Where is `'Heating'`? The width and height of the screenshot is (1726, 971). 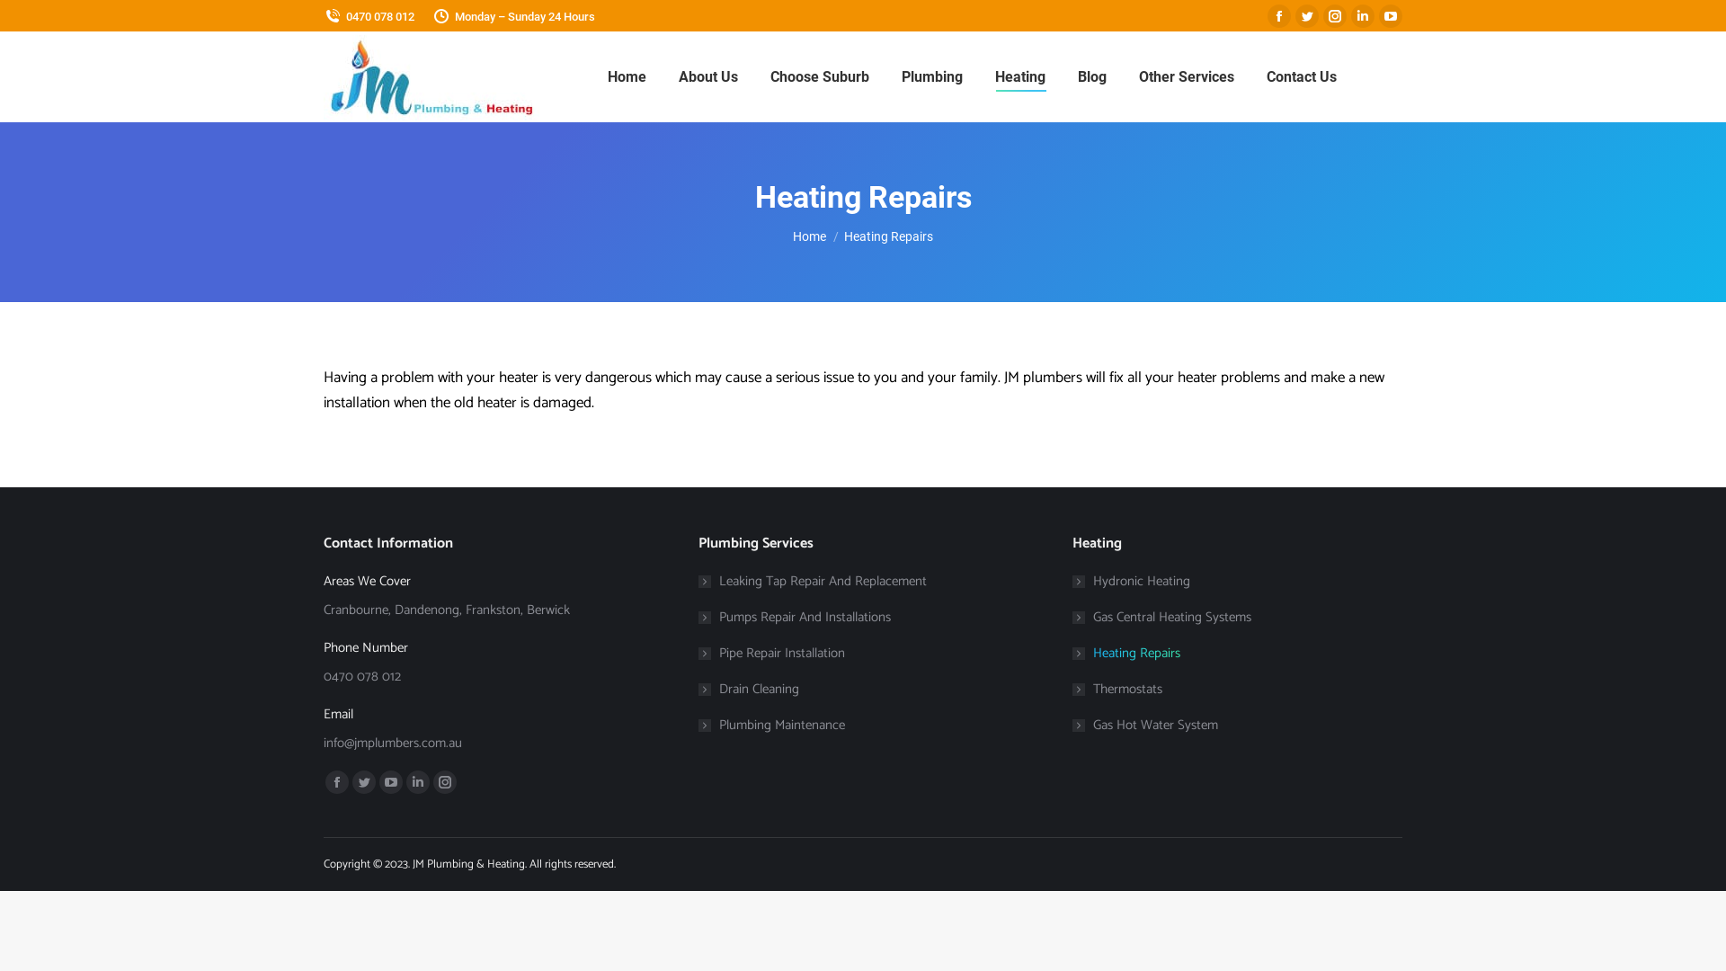 'Heating' is located at coordinates (1019, 76).